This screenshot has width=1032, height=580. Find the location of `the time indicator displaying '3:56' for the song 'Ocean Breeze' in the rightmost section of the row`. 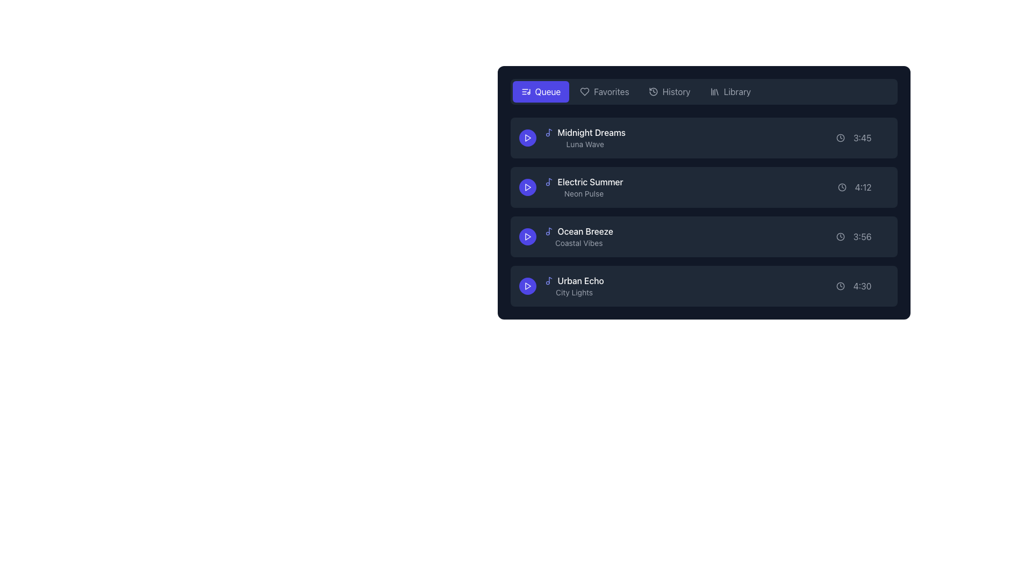

the time indicator displaying '3:56' for the song 'Ocean Breeze' in the rightmost section of the row is located at coordinates (862, 236).